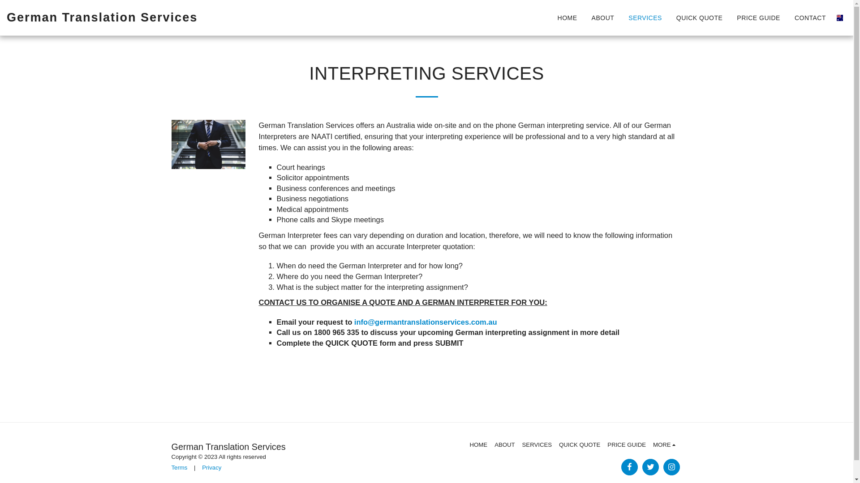 This screenshot has height=483, width=860. I want to click on 'ABOUT', so click(494, 445).